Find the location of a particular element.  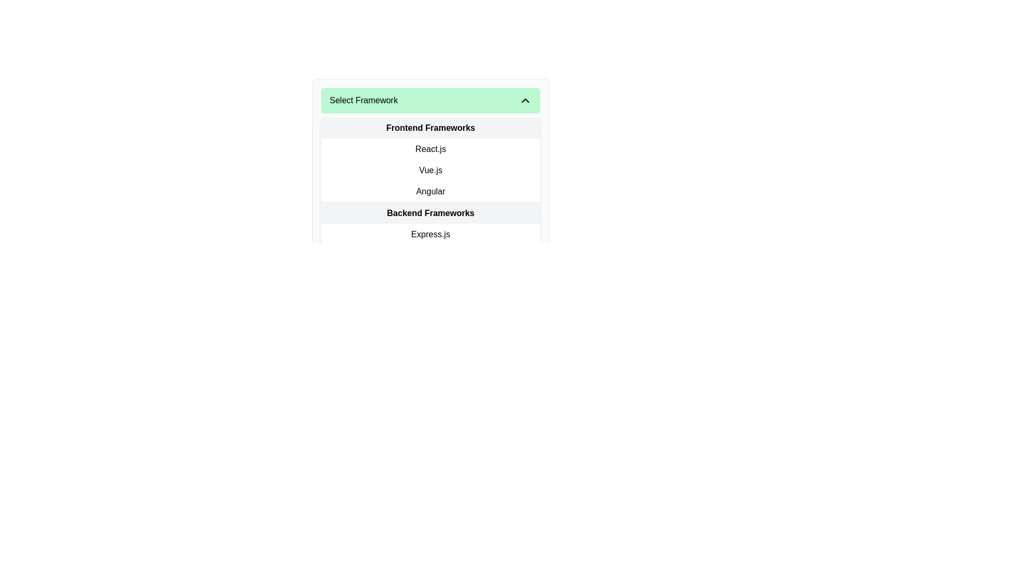

the List Item displaying 'Angular' in bold black font, which is the third item in the dropdown list of frontend frameworks is located at coordinates (431, 192).